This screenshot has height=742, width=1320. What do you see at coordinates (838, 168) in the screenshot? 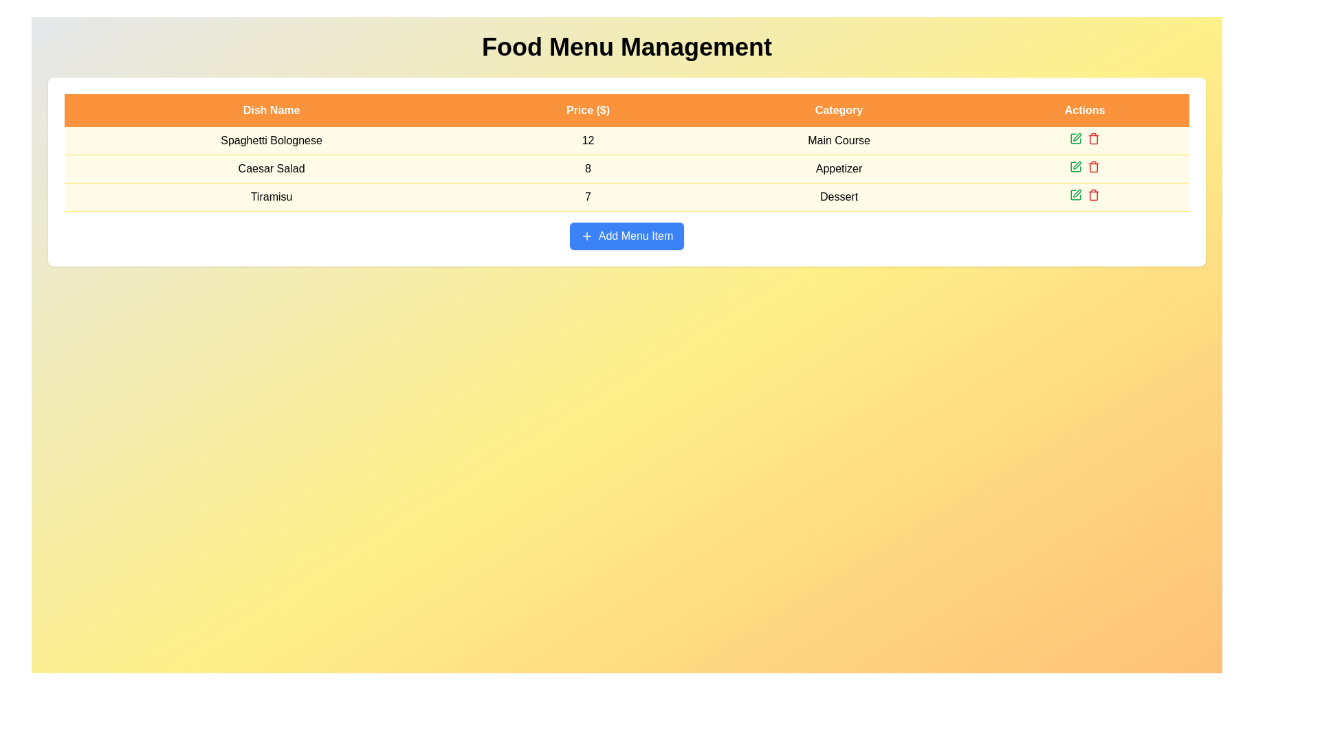
I see `the 'Appetizer' text label in the 'Category' column of the table, which is displayed in black font on a light yellow background` at bounding box center [838, 168].